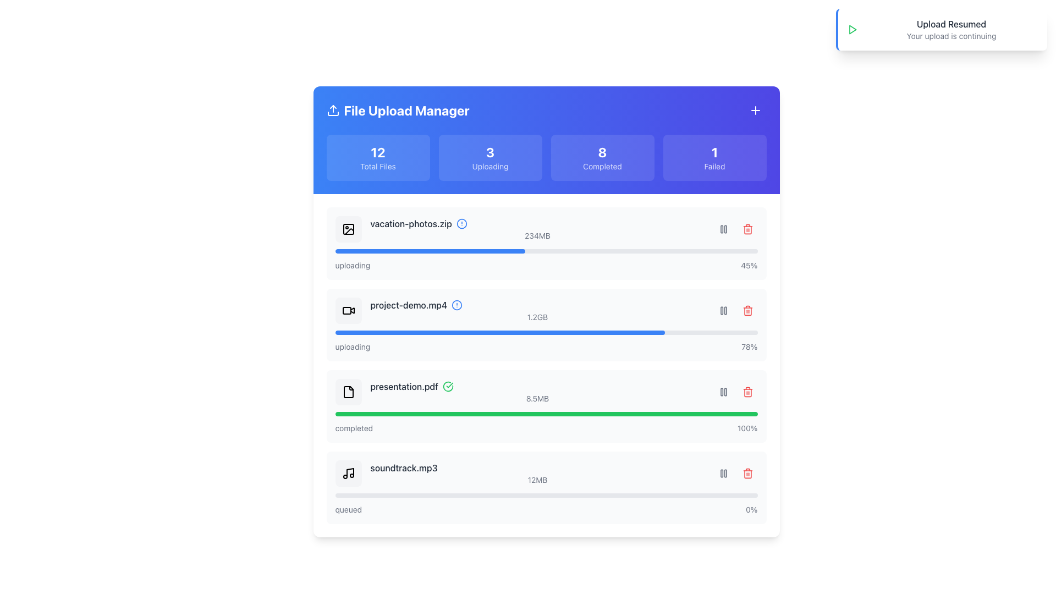 The height and width of the screenshot is (594, 1056). I want to click on the pause button icon, which is a square area with a gray stylized pause icon, located to the right of the upload progress bar for 'vacation-photos.zip', so click(723, 228).